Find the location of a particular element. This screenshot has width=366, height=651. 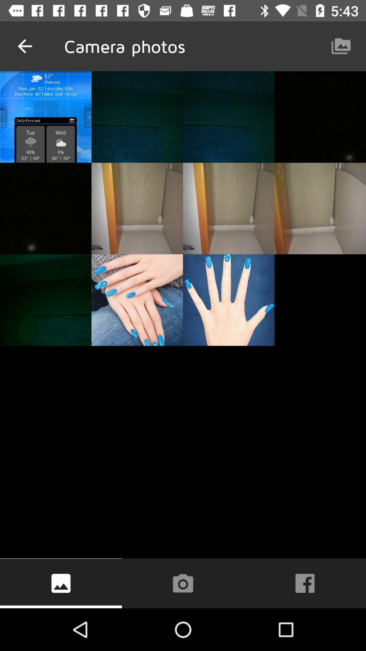

the wallpaper icon is located at coordinates (61, 583).